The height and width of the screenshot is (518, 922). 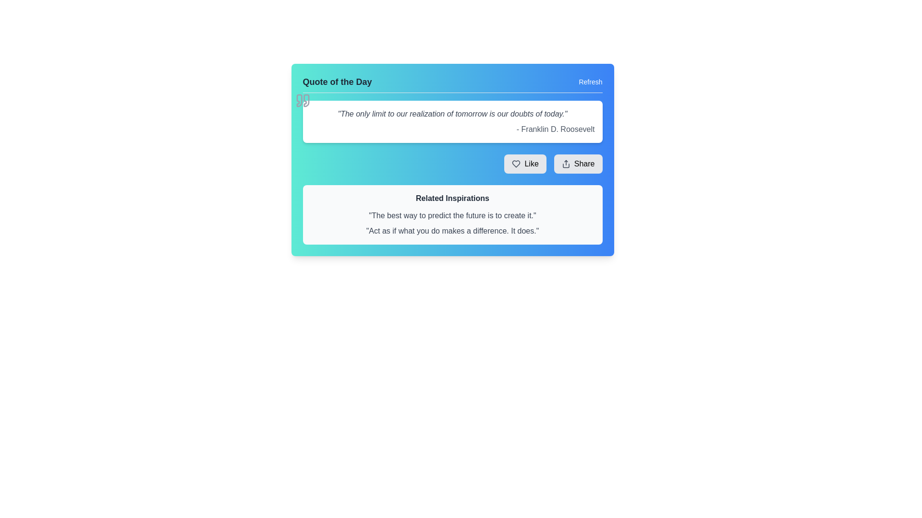 I want to click on the light gray quotation marks icon located at the top-left corner of the quote card by Franklin D. Roosevelt, so click(x=302, y=100).